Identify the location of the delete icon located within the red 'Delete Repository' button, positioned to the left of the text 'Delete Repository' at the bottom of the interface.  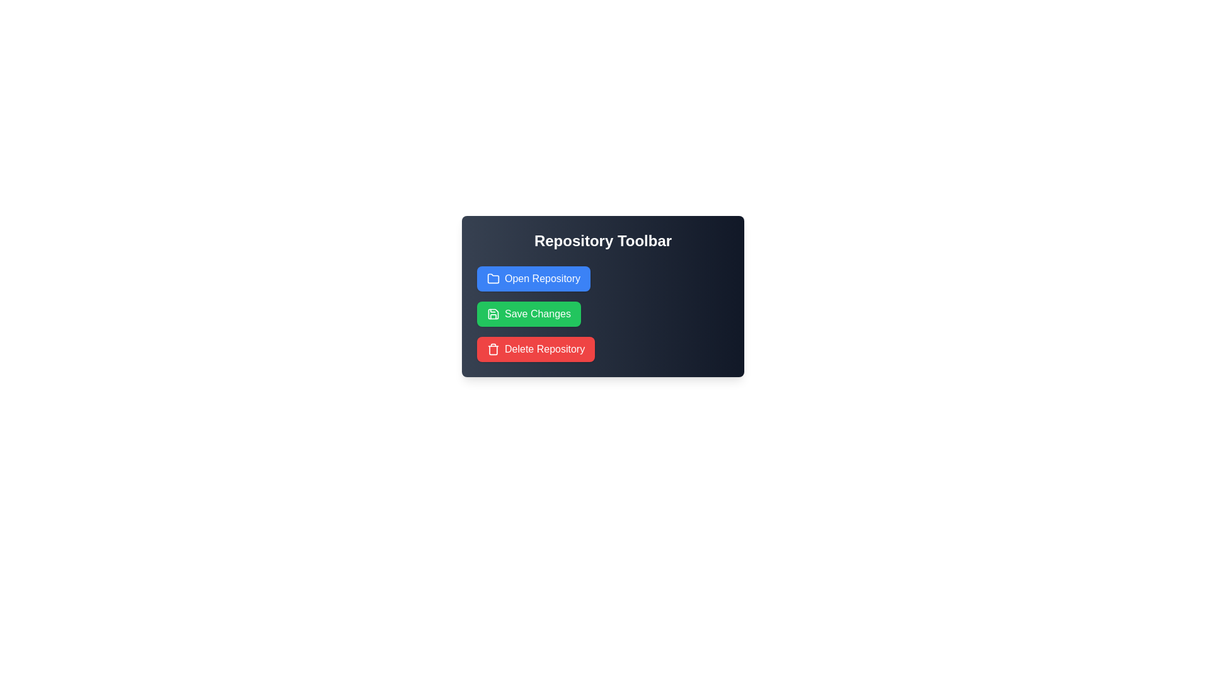
(492, 349).